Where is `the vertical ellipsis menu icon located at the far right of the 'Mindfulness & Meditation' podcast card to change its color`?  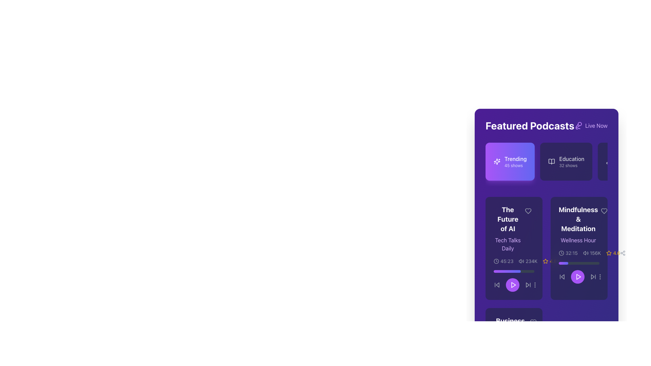
the vertical ellipsis menu icon located at the far right of the 'Mindfulness & Meditation' podcast card to change its color is located at coordinates (535, 285).